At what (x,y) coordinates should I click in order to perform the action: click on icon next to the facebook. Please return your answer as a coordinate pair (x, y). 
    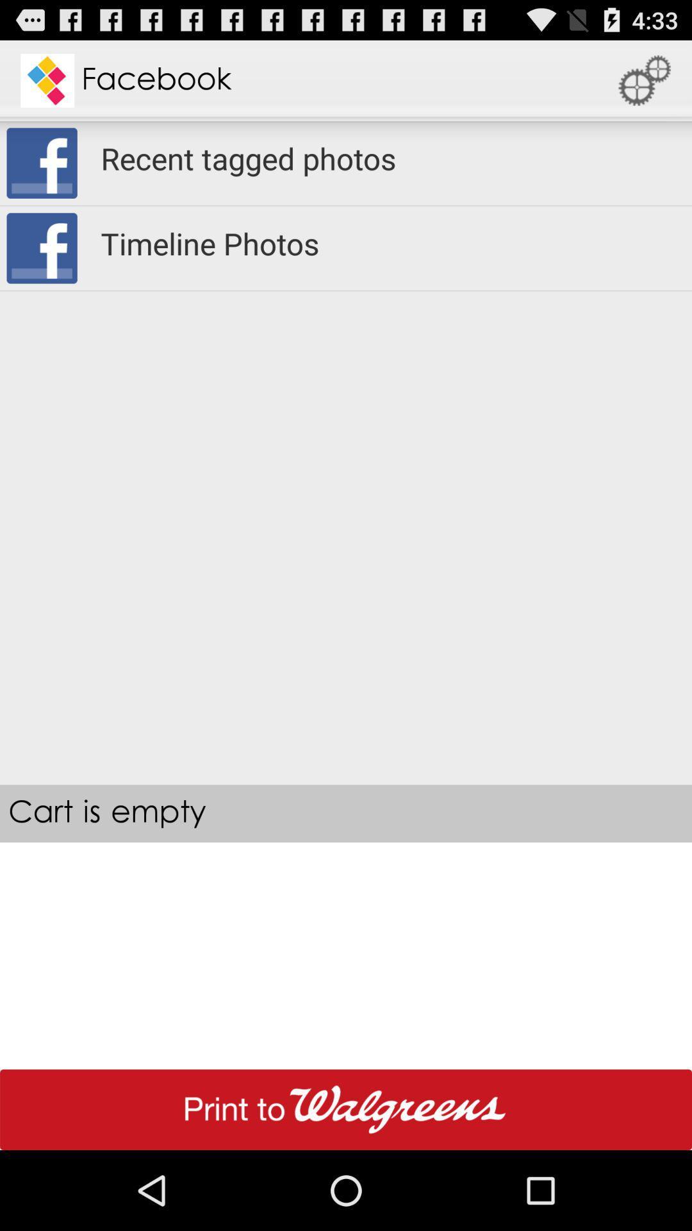
    Looking at the image, I should click on (645, 80).